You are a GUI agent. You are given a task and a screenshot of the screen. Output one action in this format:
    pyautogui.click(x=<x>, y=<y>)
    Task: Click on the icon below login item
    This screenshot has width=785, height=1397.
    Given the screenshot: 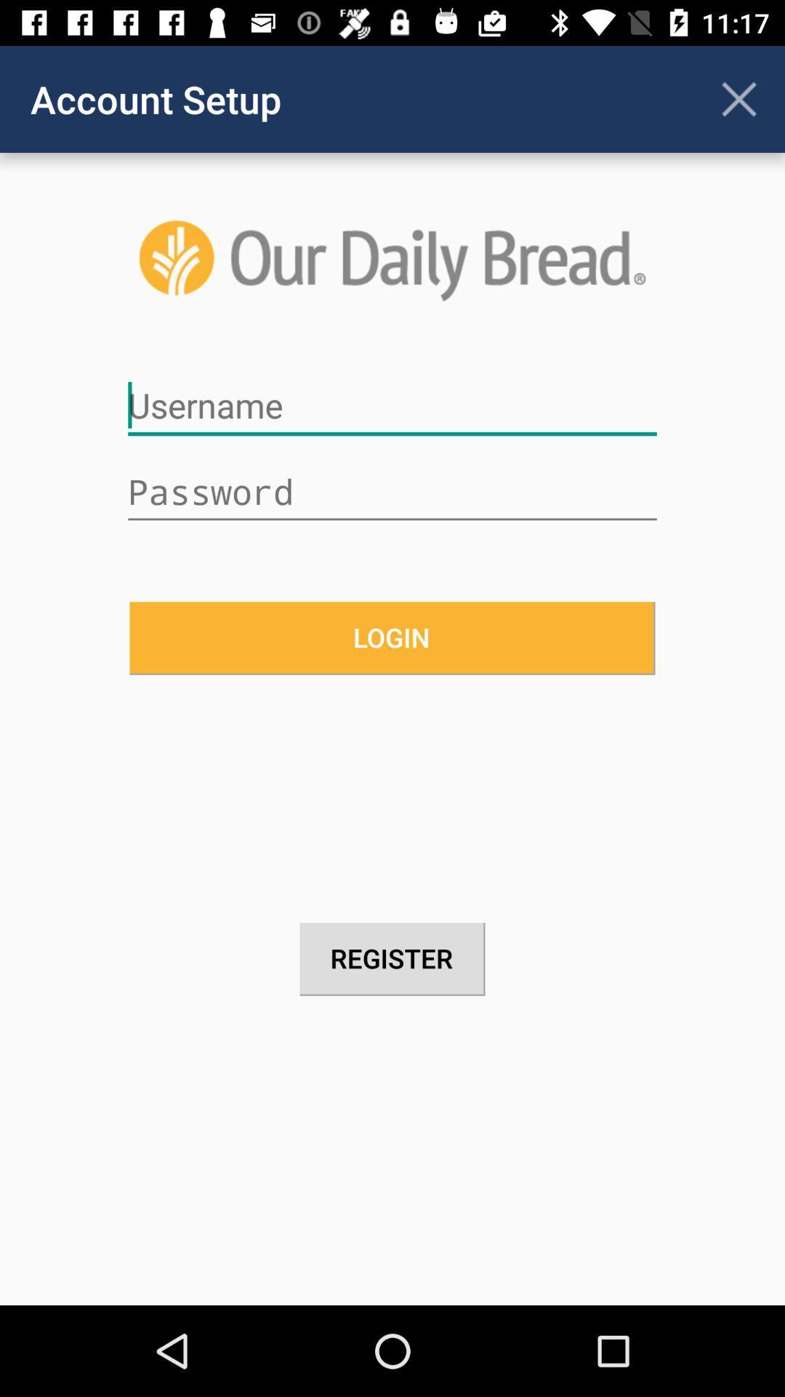 What is the action you would take?
    pyautogui.click(x=392, y=959)
    